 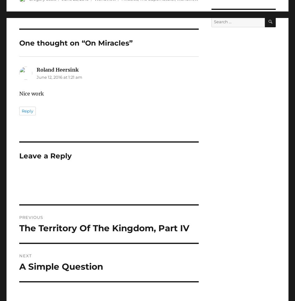 I want to click on 'The Territory Of The Kingdom, Part IV', so click(x=104, y=228).